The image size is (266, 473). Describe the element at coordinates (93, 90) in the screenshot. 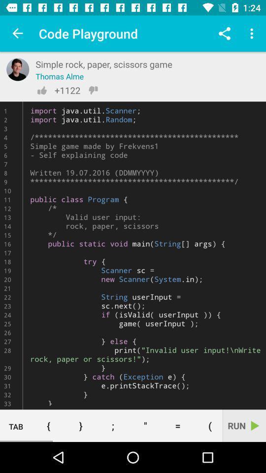

I see `dislike button` at that location.